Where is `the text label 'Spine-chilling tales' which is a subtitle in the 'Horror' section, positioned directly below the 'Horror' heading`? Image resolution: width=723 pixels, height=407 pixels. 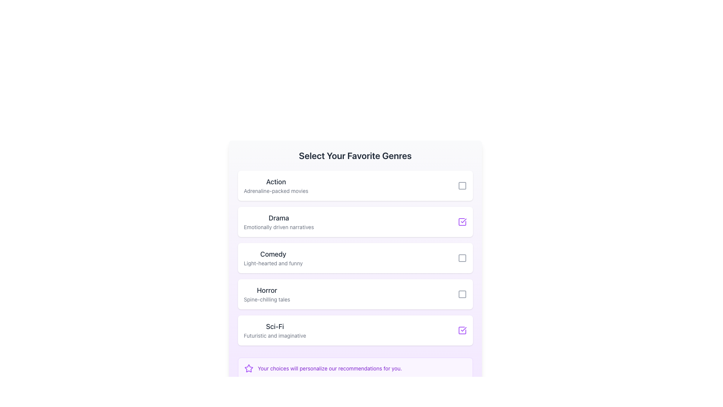 the text label 'Spine-chilling tales' which is a subtitle in the 'Horror' section, positioned directly below the 'Horror' heading is located at coordinates (267, 299).